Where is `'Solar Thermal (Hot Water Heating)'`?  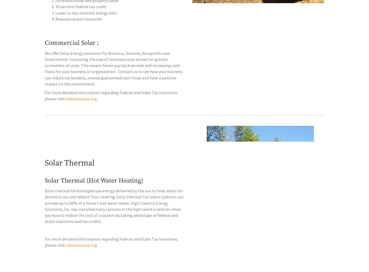 'Solar Thermal (Hot Water Heating)' is located at coordinates (94, 191).